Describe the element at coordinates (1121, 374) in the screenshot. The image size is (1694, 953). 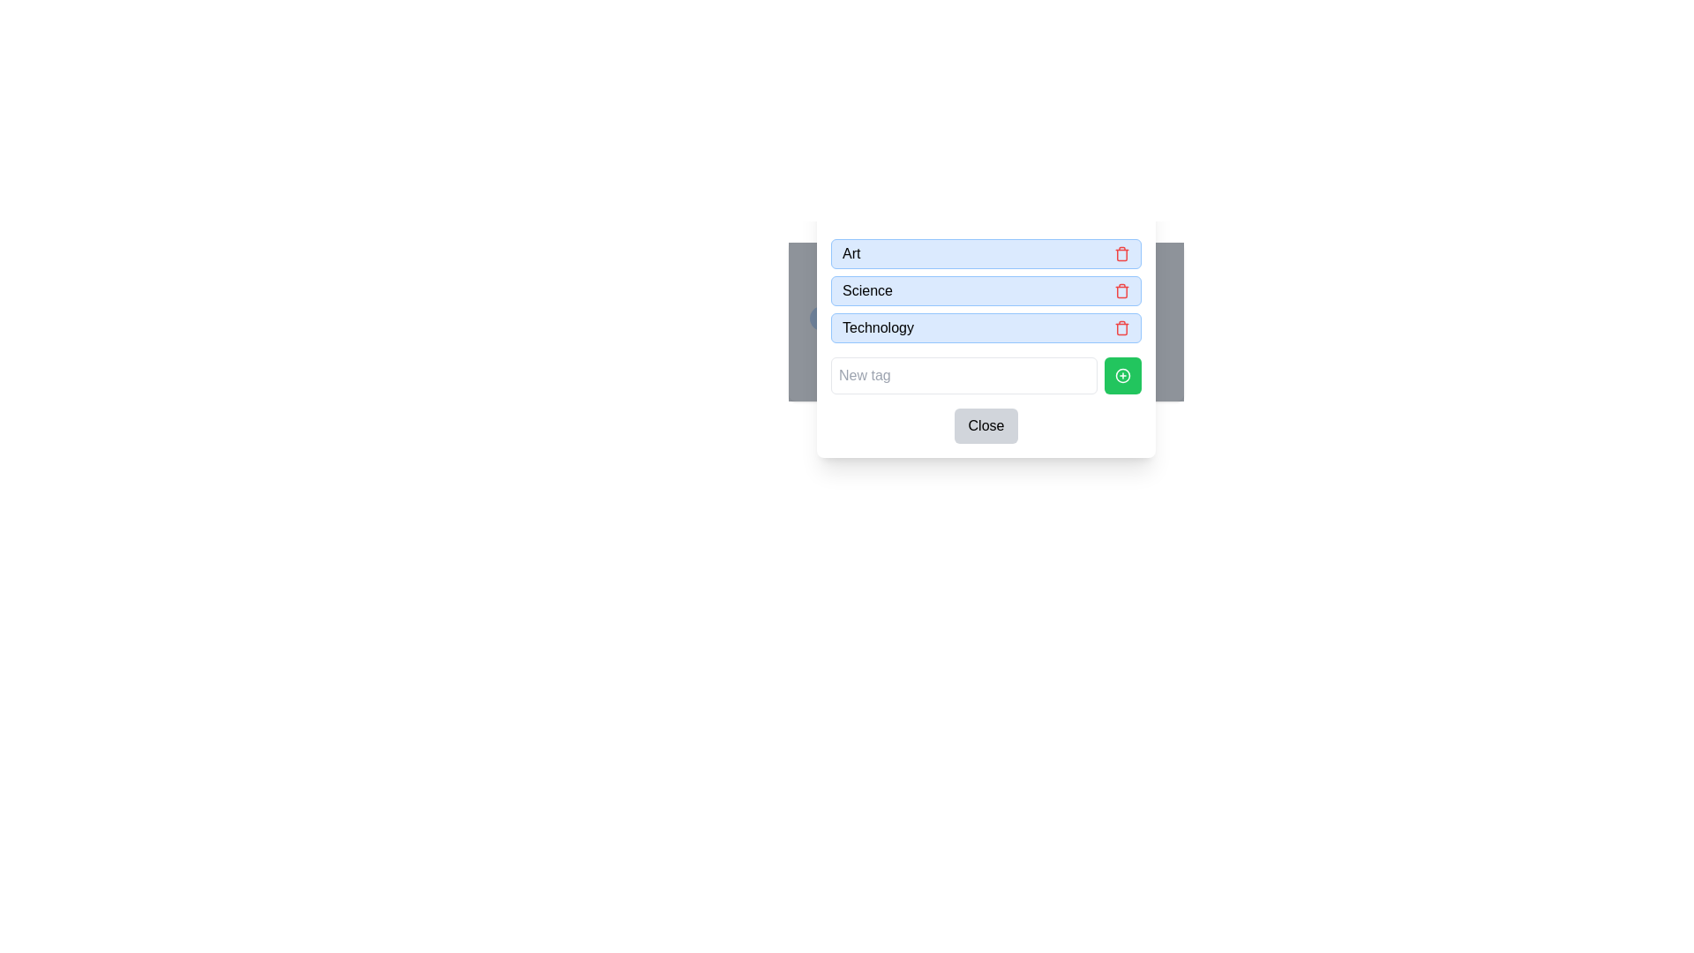
I see `the SVG Circle representing the outer circle of the 'plus' icon for adding new tags or items by clicking on it` at that location.